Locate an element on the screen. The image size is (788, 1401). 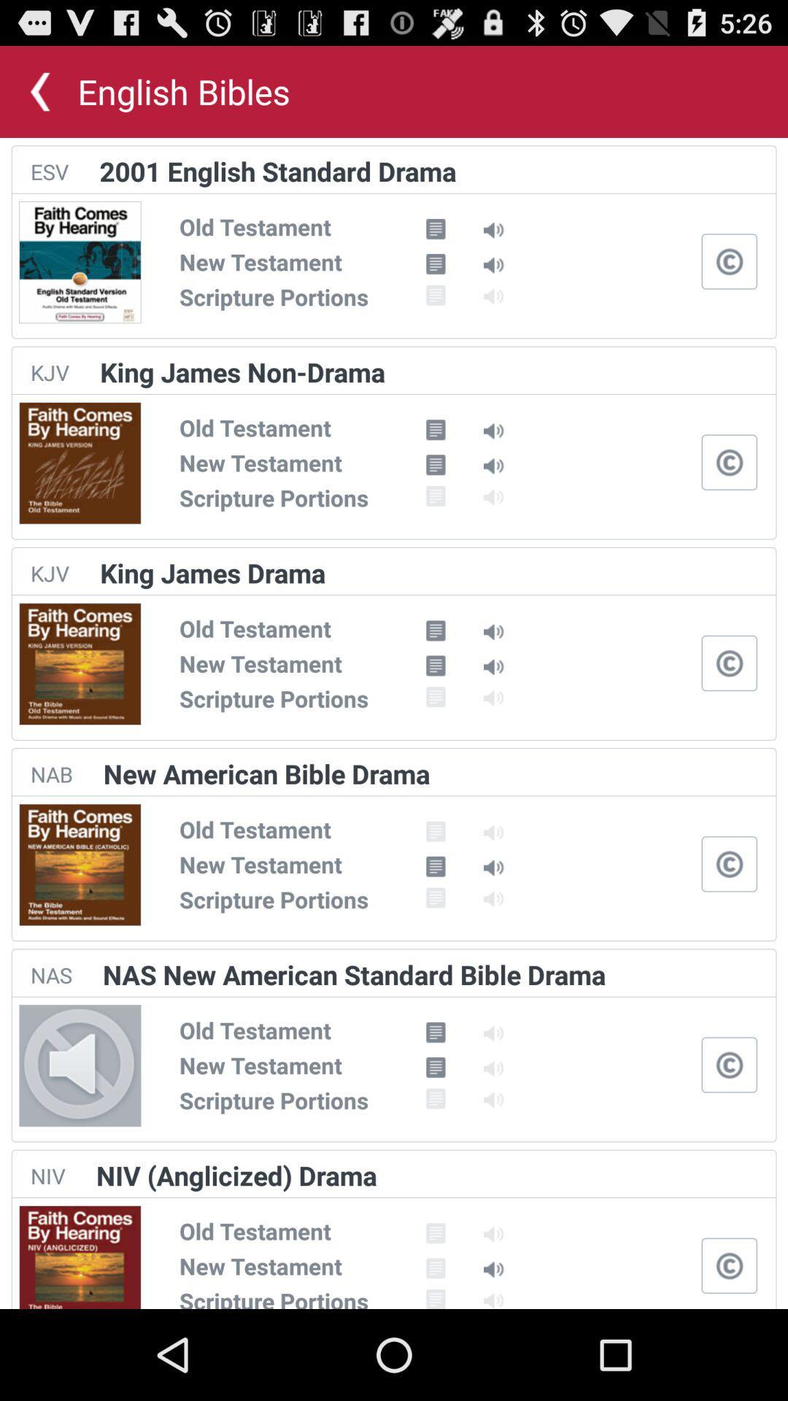
and pause is located at coordinates (729, 1065).